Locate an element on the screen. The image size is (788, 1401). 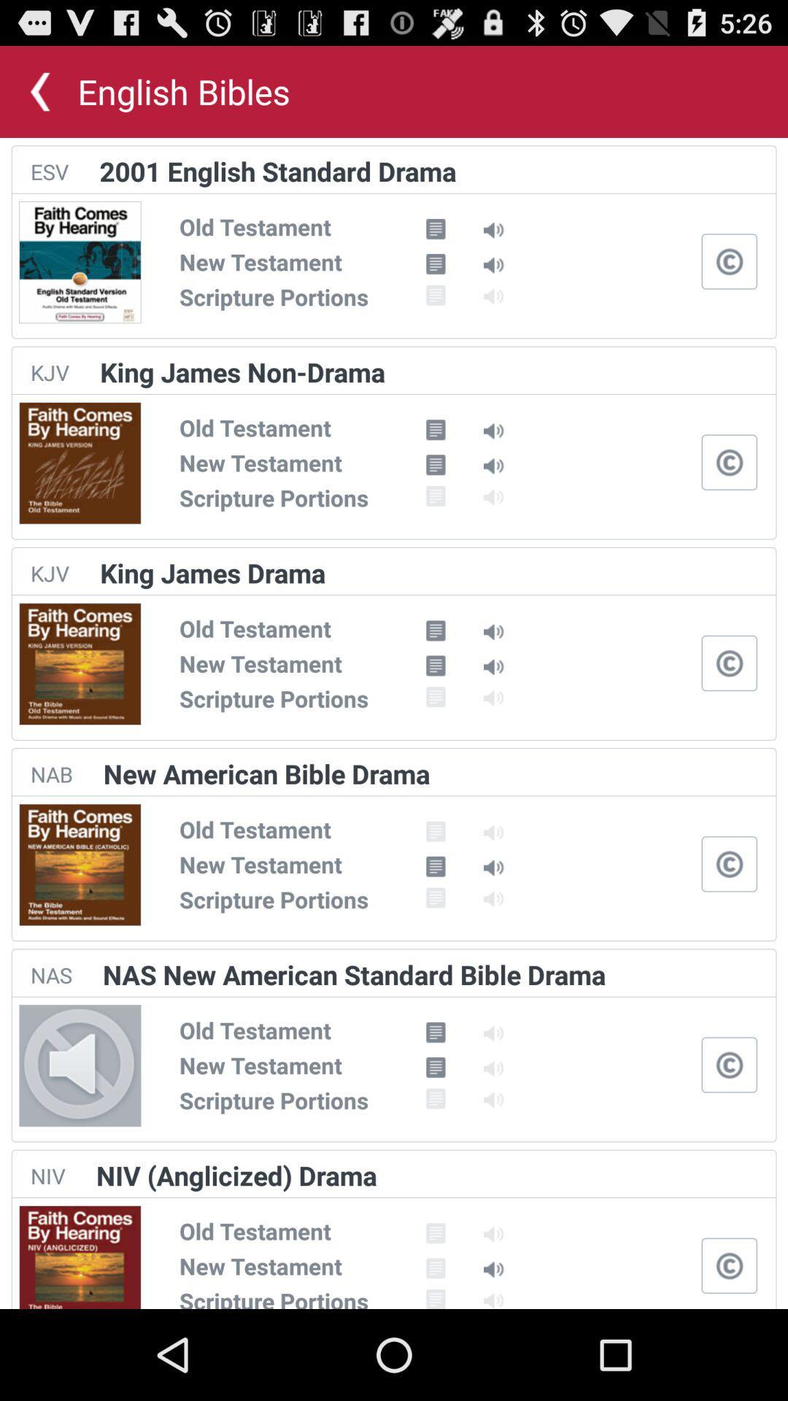
and pause is located at coordinates (729, 1065).